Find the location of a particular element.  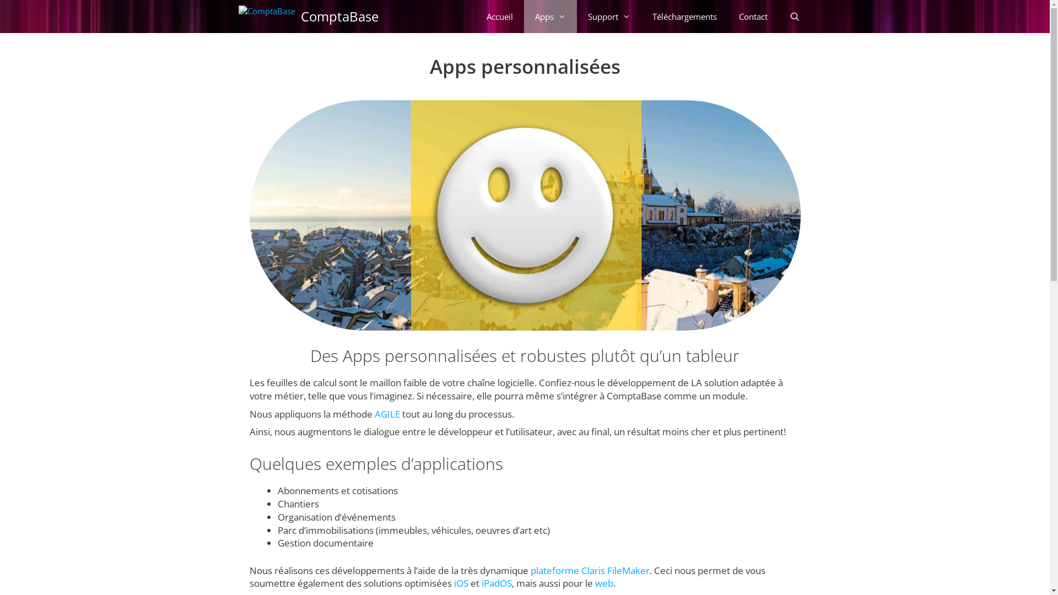

'iOS' is located at coordinates (454, 582).